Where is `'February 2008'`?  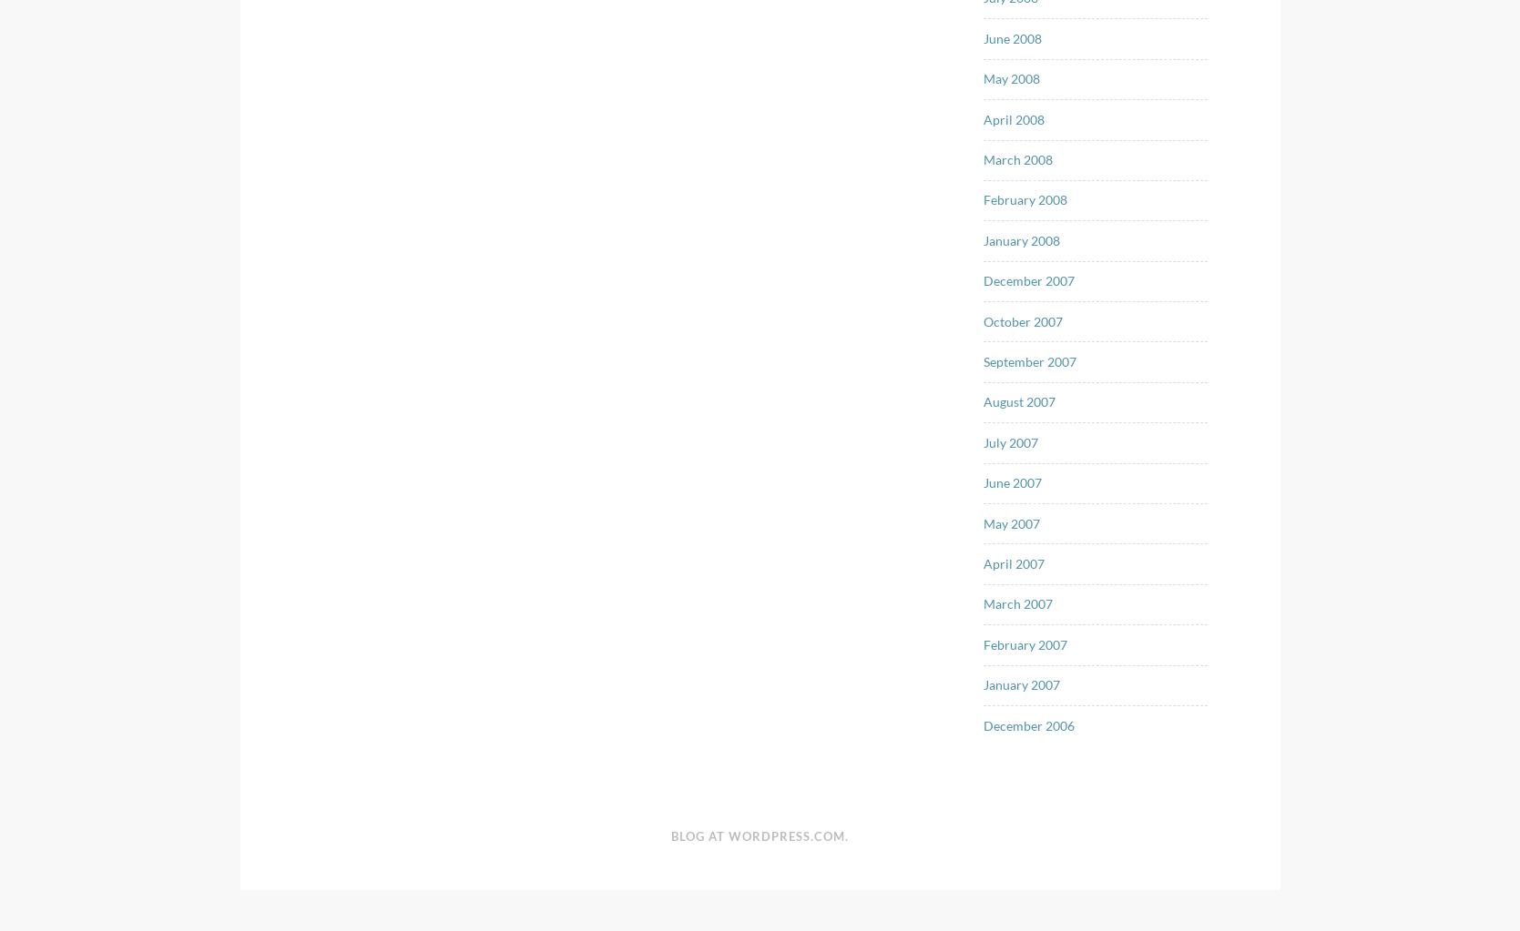 'February 2008' is located at coordinates (1025, 198).